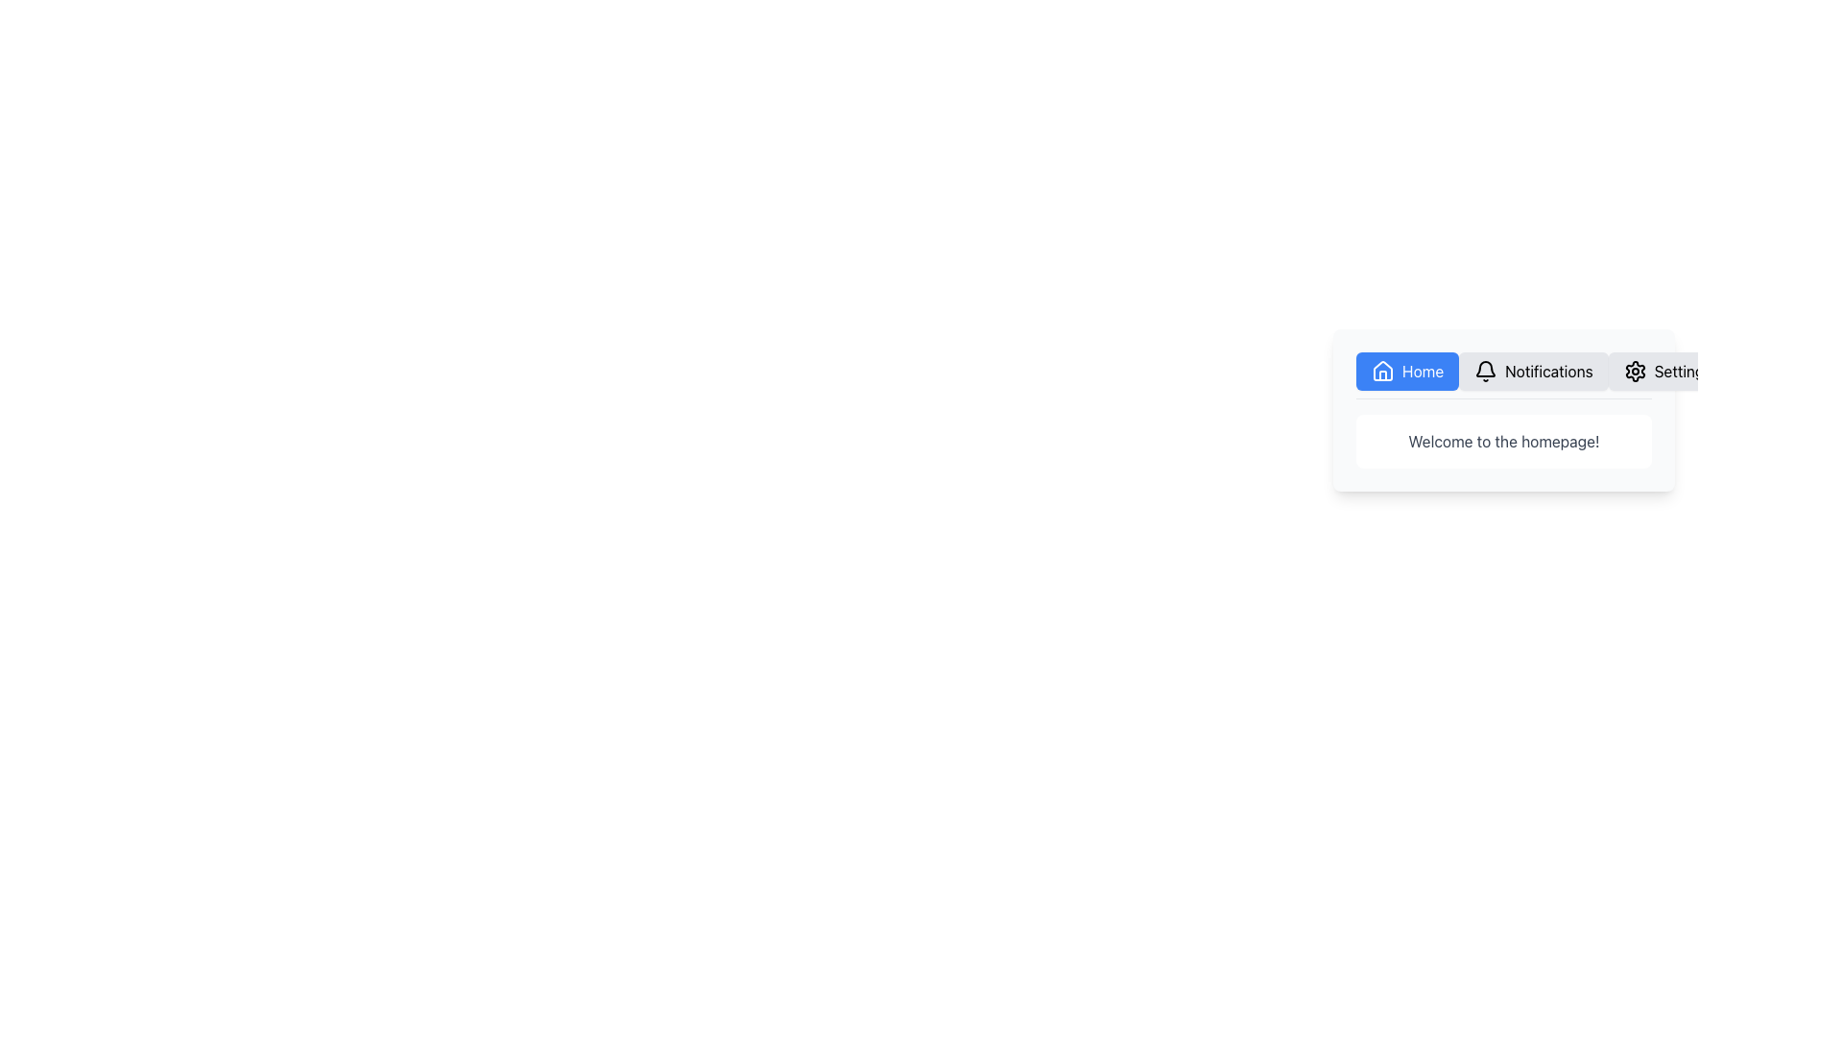 The height and width of the screenshot is (1037, 1843). Describe the element at coordinates (1548, 371) in the screenshot. I see `the Text Label indicating notifications, which is positioned in the navigation bar to the right of the bell icon` at that location.